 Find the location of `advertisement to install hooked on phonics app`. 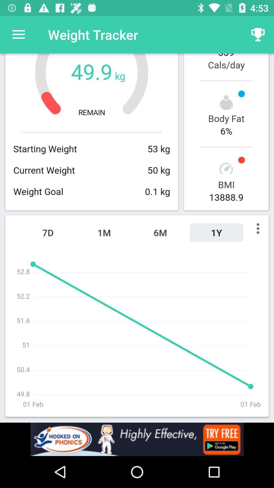

advertisement to install hooked on phonics app is located at coordinates (137, 439).